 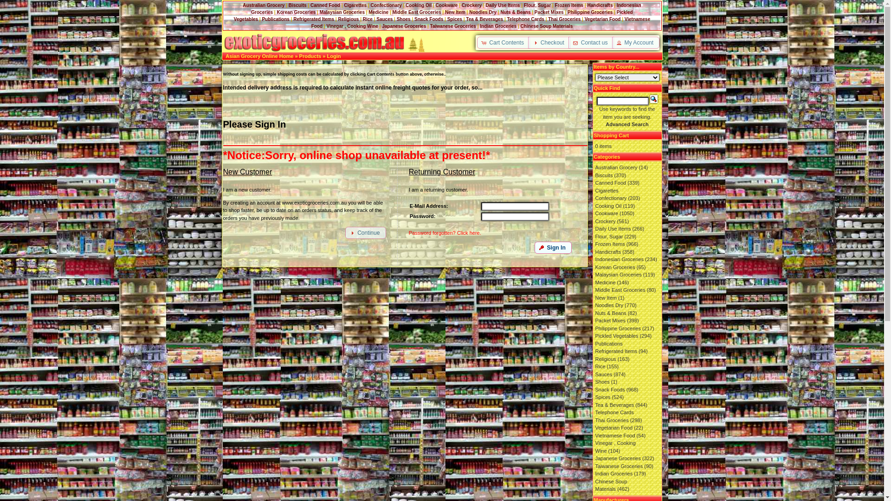 I want to click on 'Sign In', so click(x=553, y=247).